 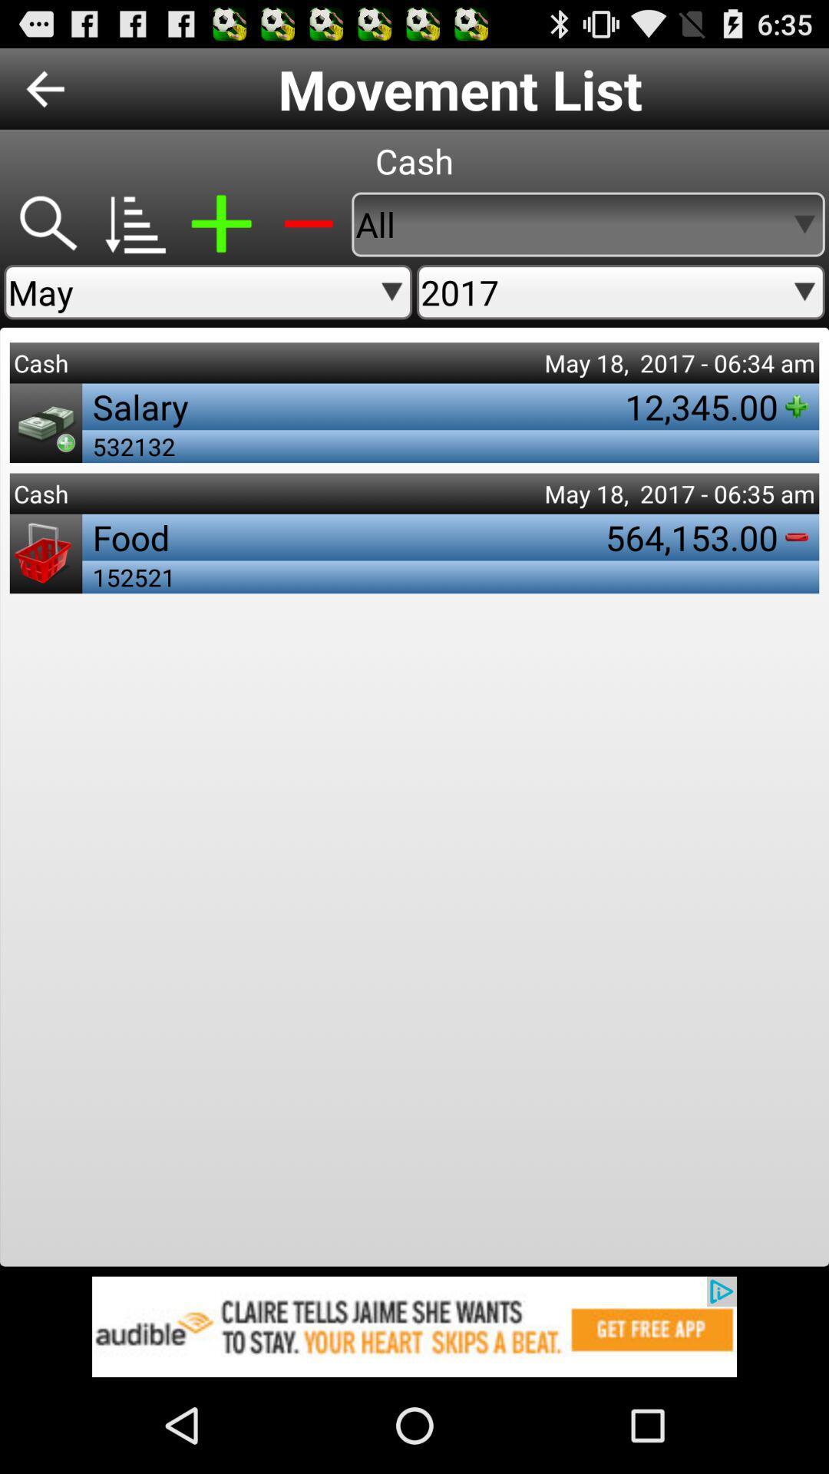 What do you see at coordinates (221, 223) in the screenshot?
I see `movement` at bounding box center [221, 223].